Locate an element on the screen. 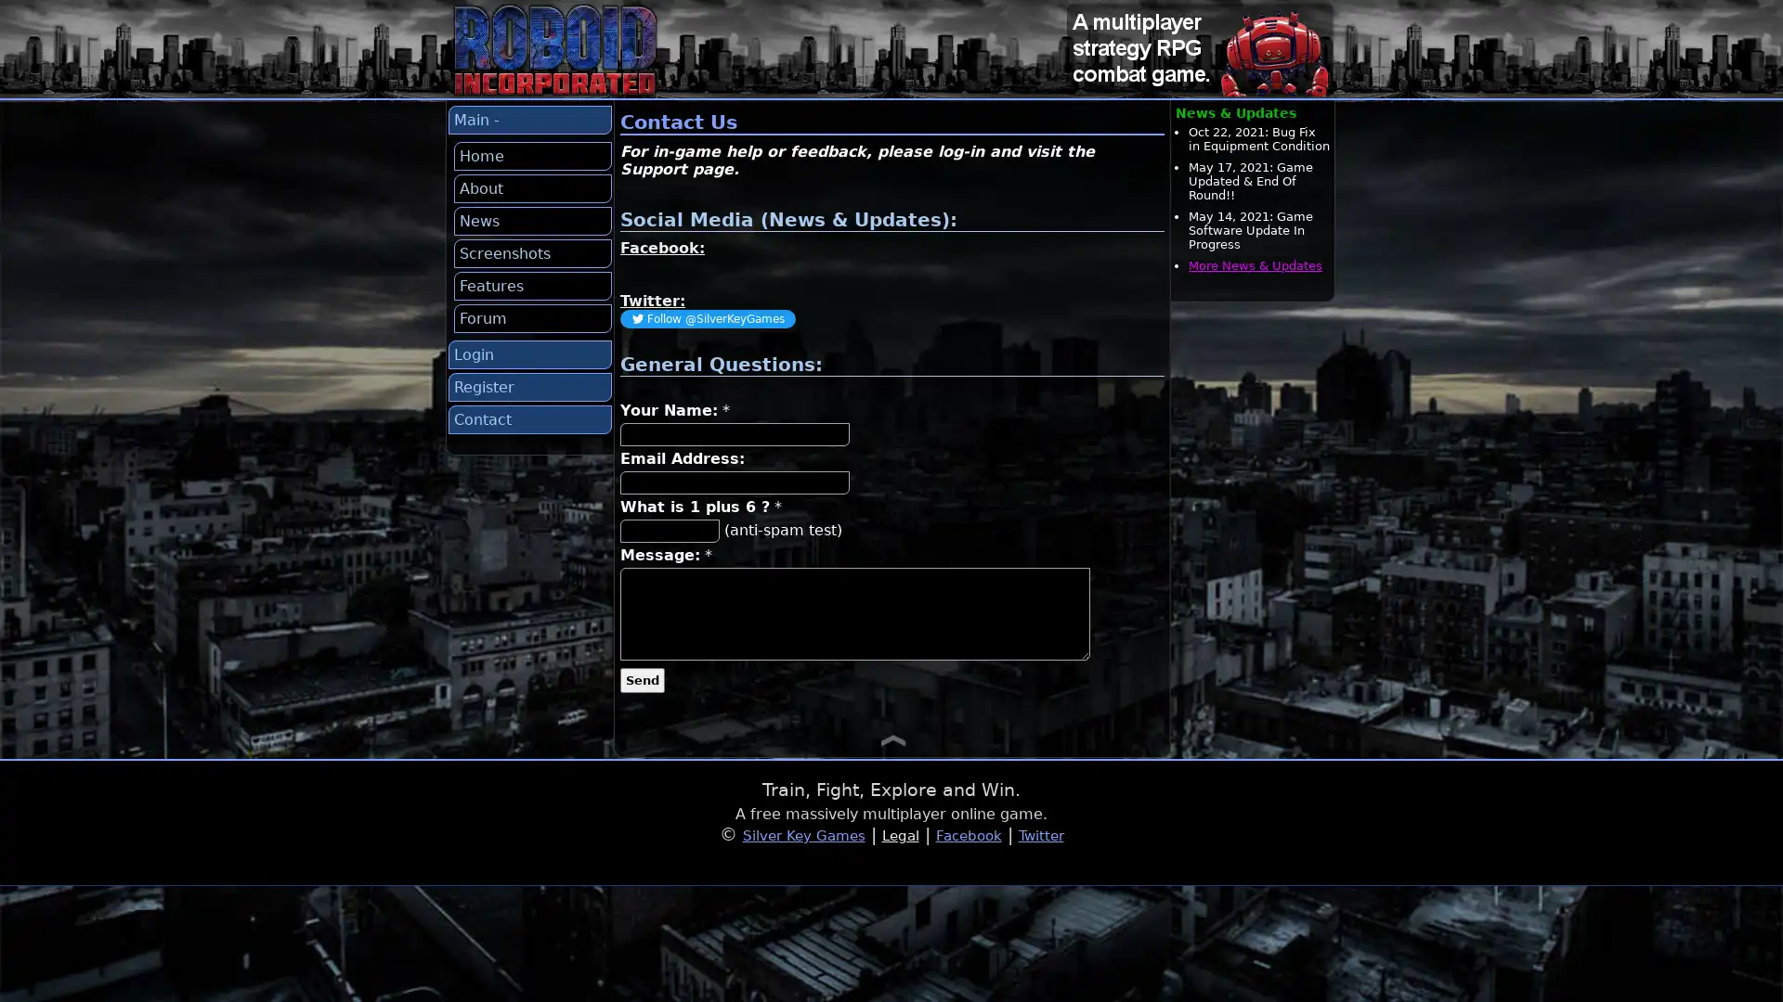 The image size is (1783, 1002). Send is located at coordinates (642, 680).